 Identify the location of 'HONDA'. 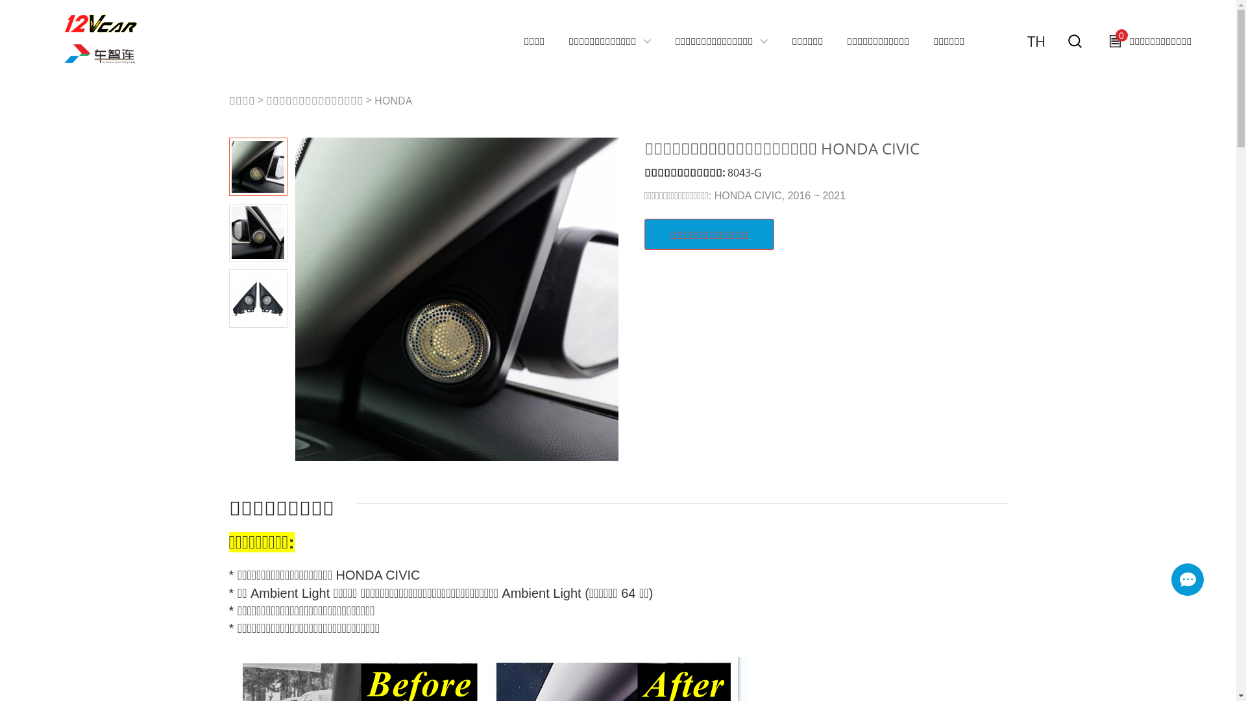
(391, 99).